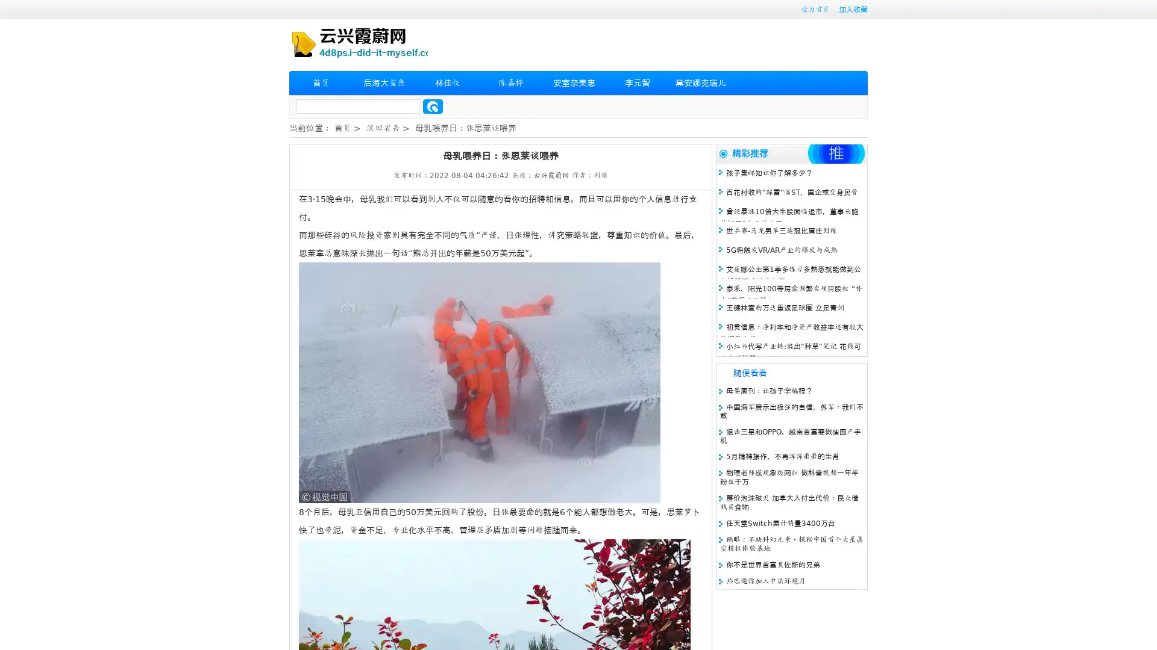 The height and width of the screenshot is (650, 1157). Describe the element at coordinates (433, 106) in the screenshot. I see `Search` at that location.